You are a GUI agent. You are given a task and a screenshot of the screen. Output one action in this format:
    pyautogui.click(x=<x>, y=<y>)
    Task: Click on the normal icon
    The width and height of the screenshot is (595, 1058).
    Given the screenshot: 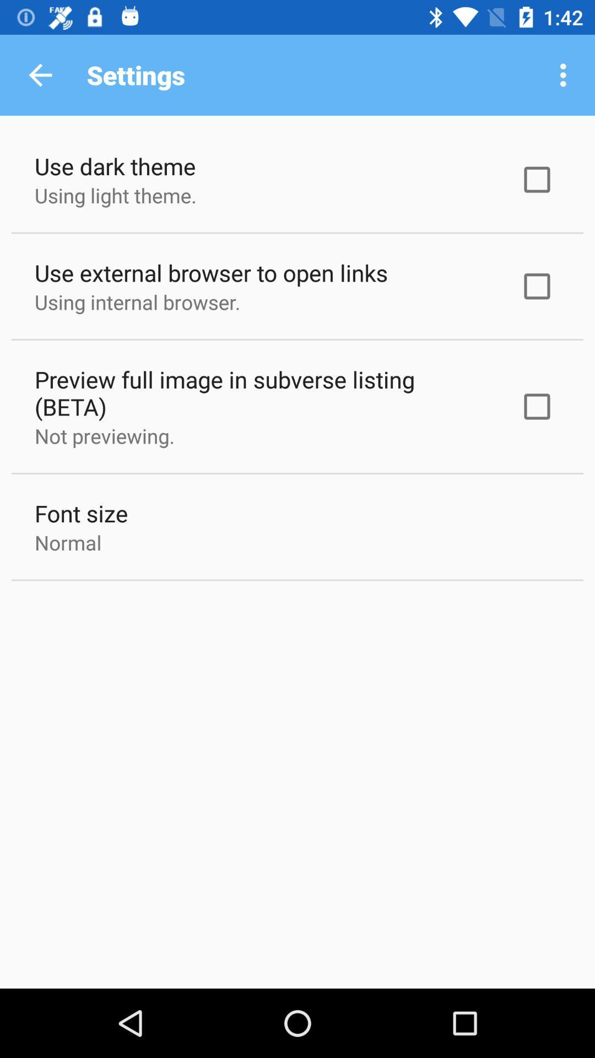 What is the action you would take?
    pyautogui.click(x=68, y=542)
    